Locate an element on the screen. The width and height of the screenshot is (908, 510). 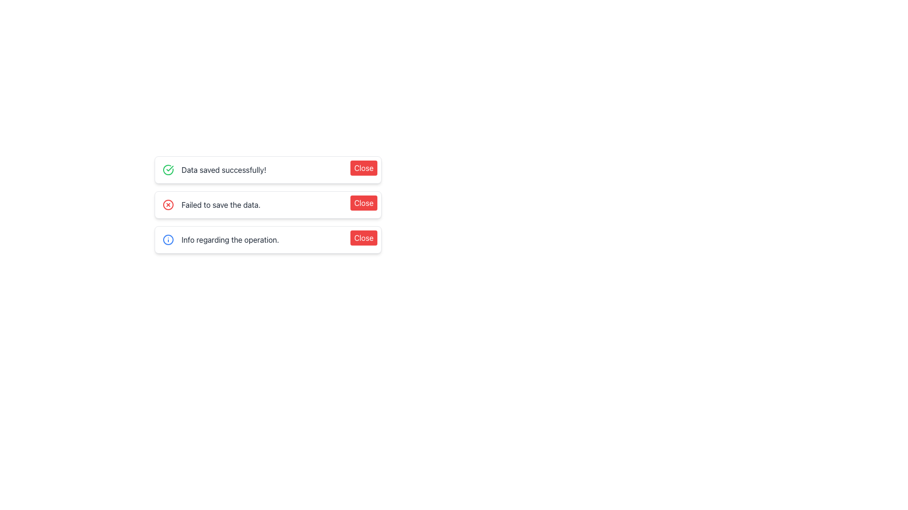
the 'Close' button with bold white text on a bright red background located in the top-right corner of the notification card that reads 'Failed to save the data.' is located at coordinates (363, 202).